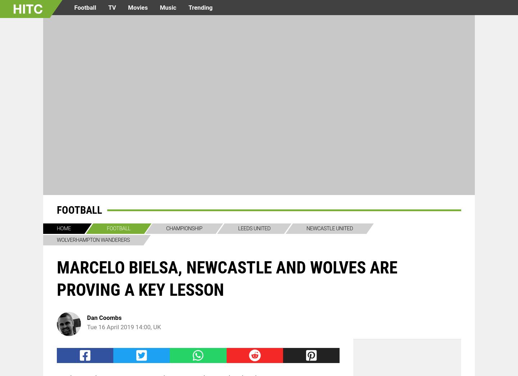 The width and height of the screenshot is (518, 376). What do you see at coordinates (104, 317) in the screenshot?
I see `'Dan Coombs'` at bounding box center [104, 317].